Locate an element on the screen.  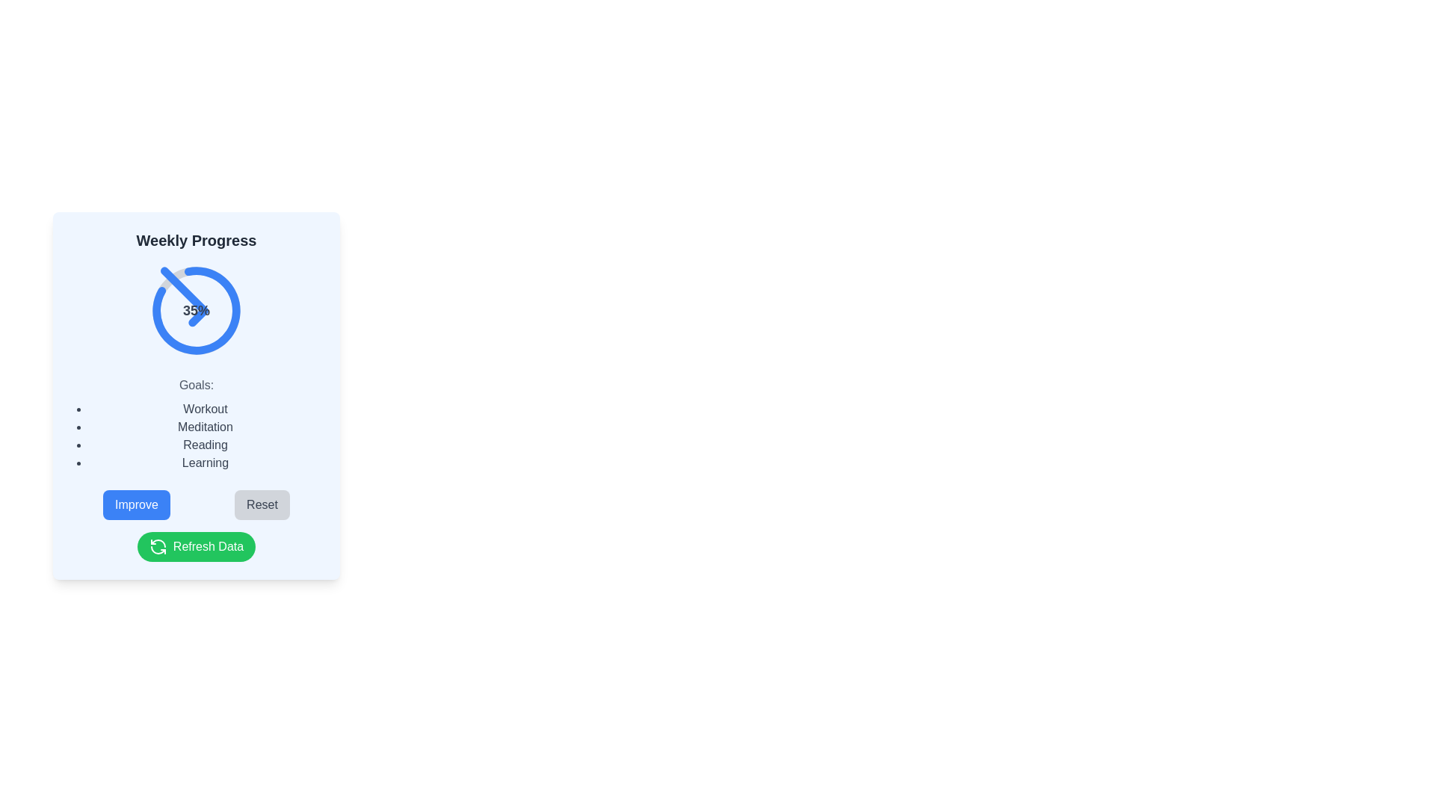
the checkmark icon located at the center of the circular progress indicator displaying '35%' in the 'Weekly Progress' section is located at coordinates (183, 297).